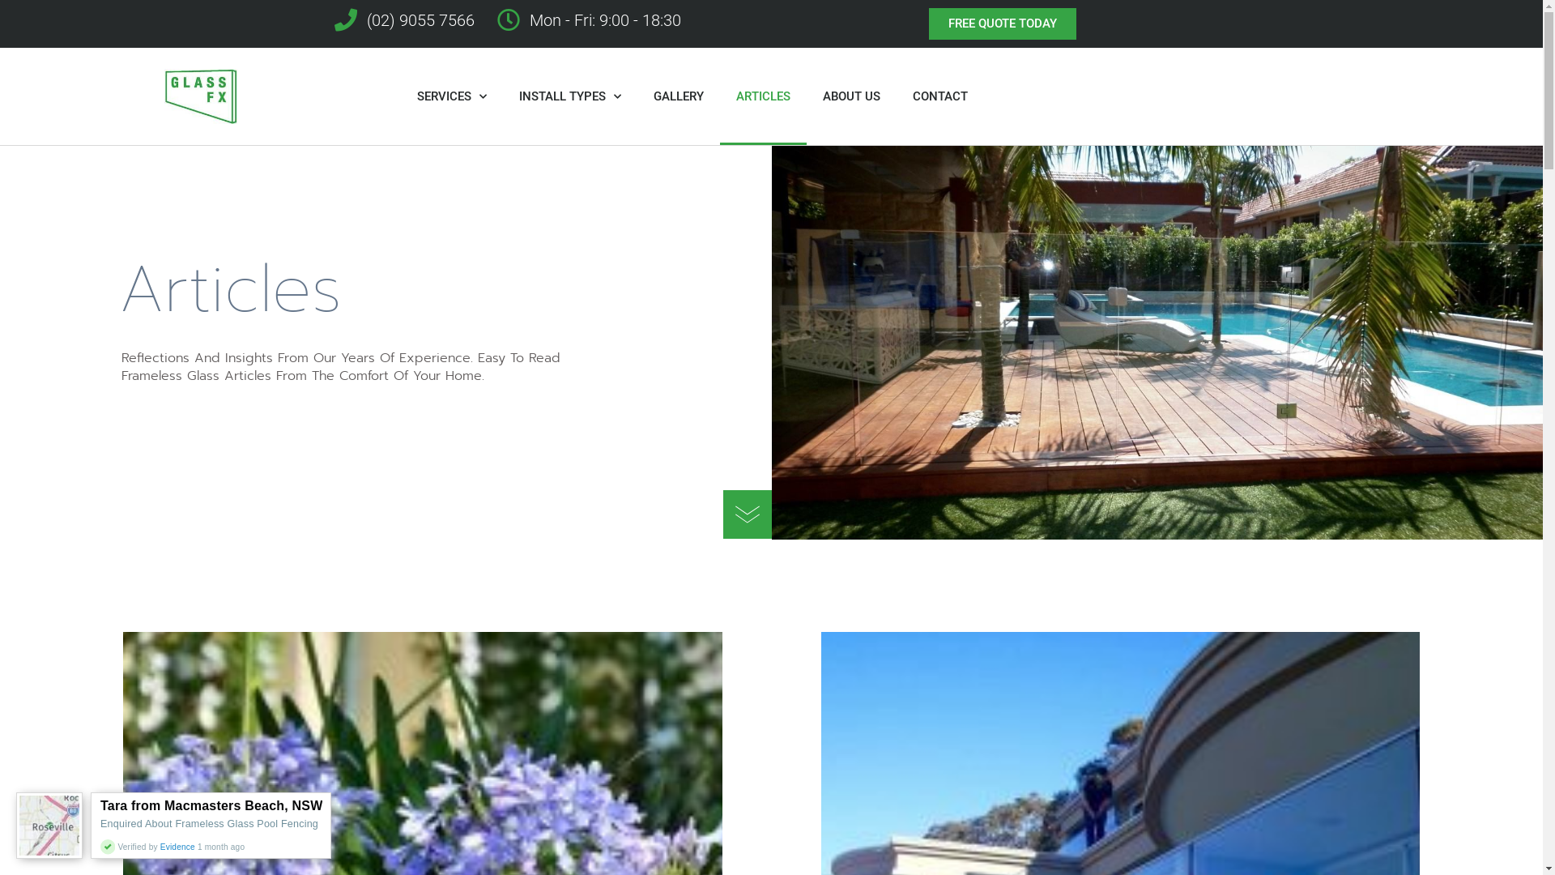 The height and width of the screenshot is (875, 1555). I want to click on 'ARTICLES', so click(762, 96).